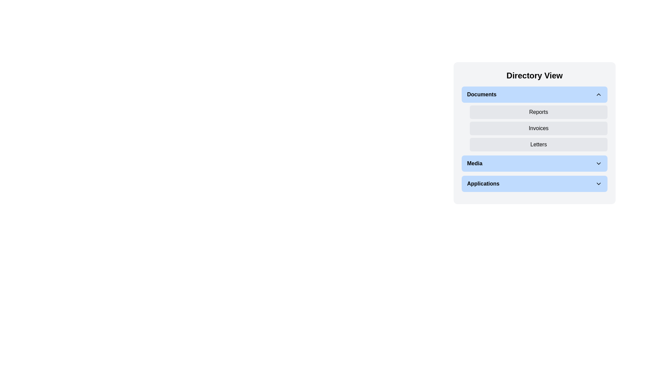  What do you see at coordinates (534, 95) in the screenshot?
I see `the collapsible section header button that toggles the visibility of sub-items such as 'Reports', 'Invoices', and 'Letters' for keyboard navigation` at bounding box center [534, 95].